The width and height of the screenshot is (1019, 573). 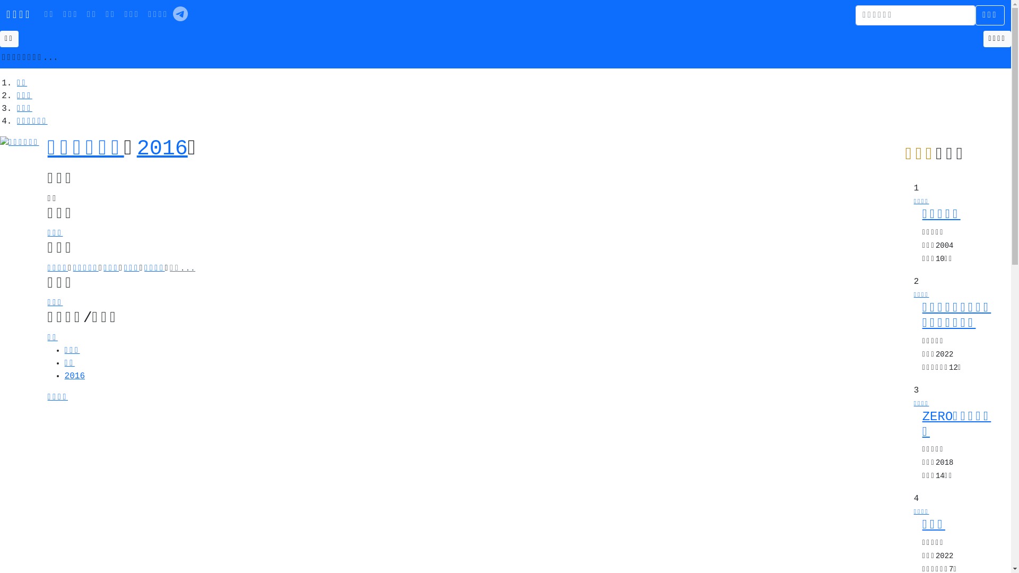 I want to click on '2016', so click(x=136, y=149).